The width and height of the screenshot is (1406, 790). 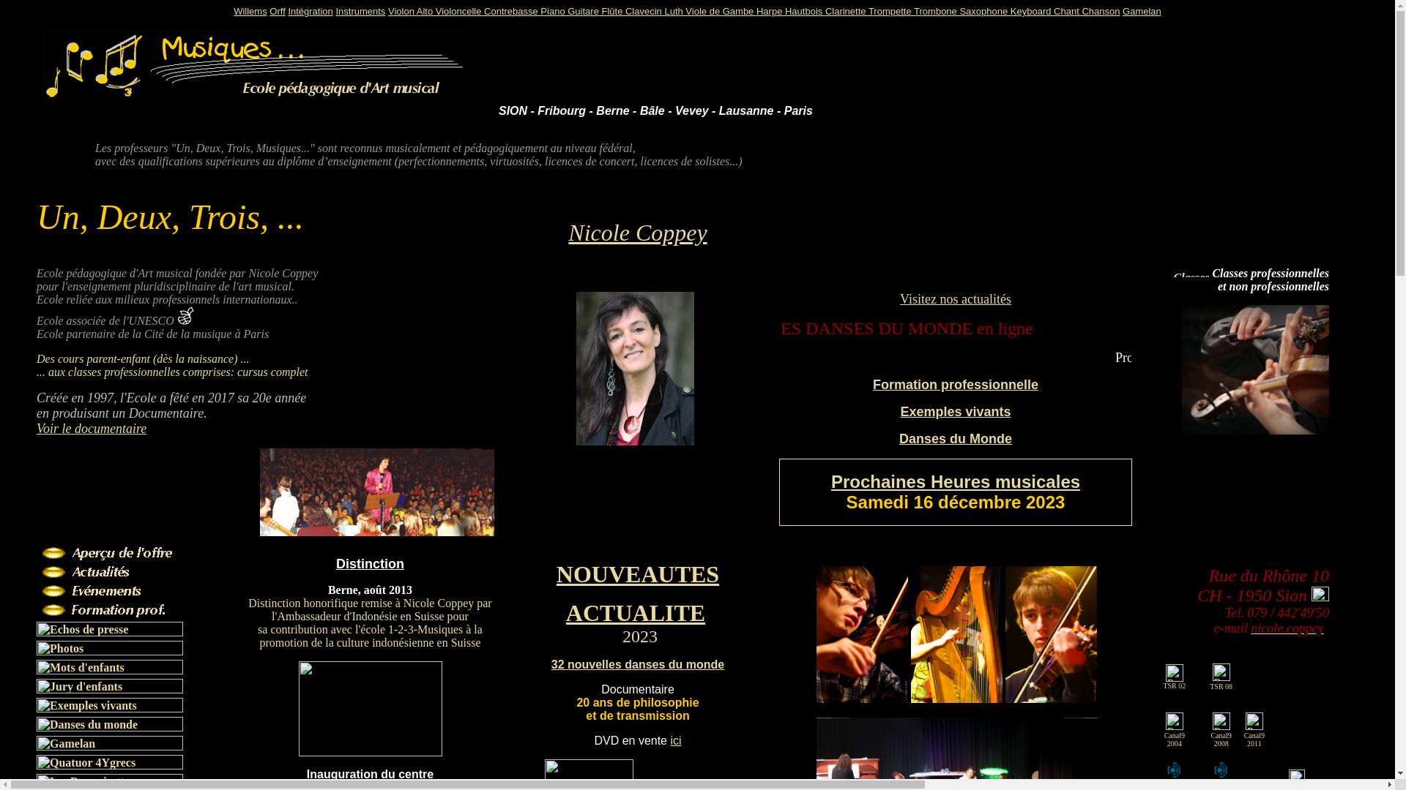 I want to click on '32 nouvelles danses du monde', so click(x=638, y=664).